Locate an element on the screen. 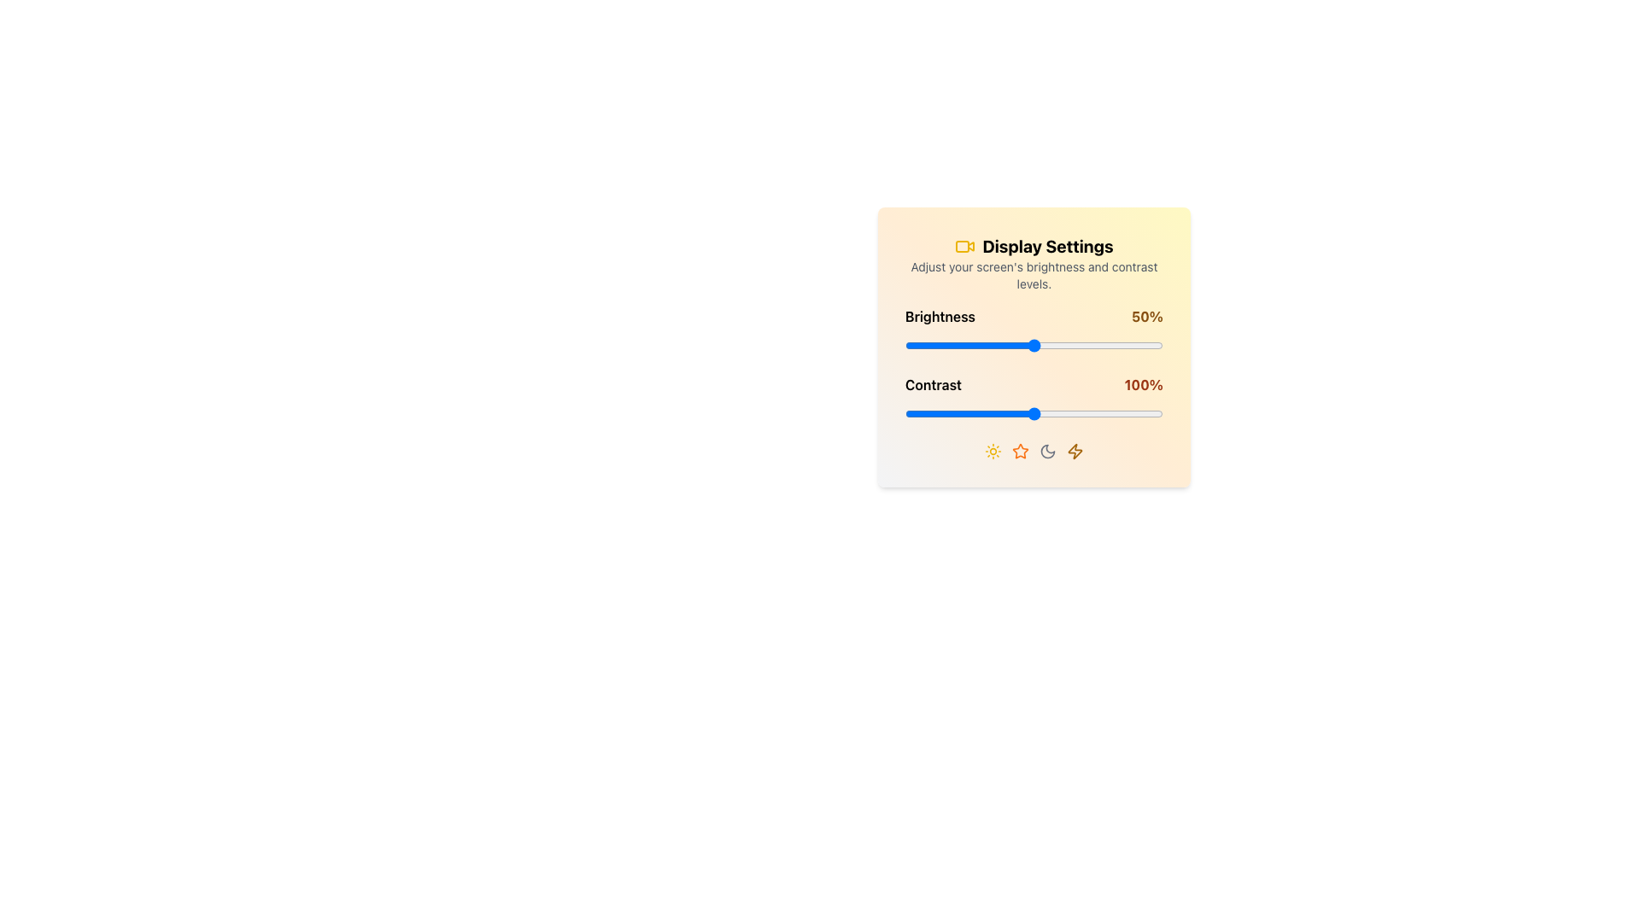  the brightness level indicator text located to the right of the 'Brightness' label in the Display Settings panel is located at coordinates (1147, 316).